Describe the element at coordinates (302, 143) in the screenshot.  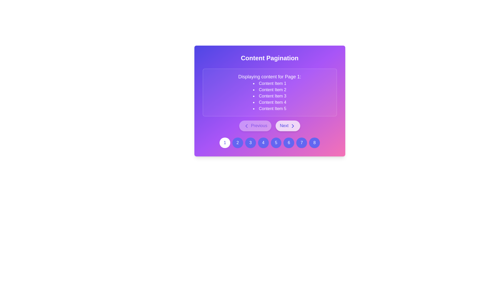
I see `the seventh button in the pagination bar` at that location.